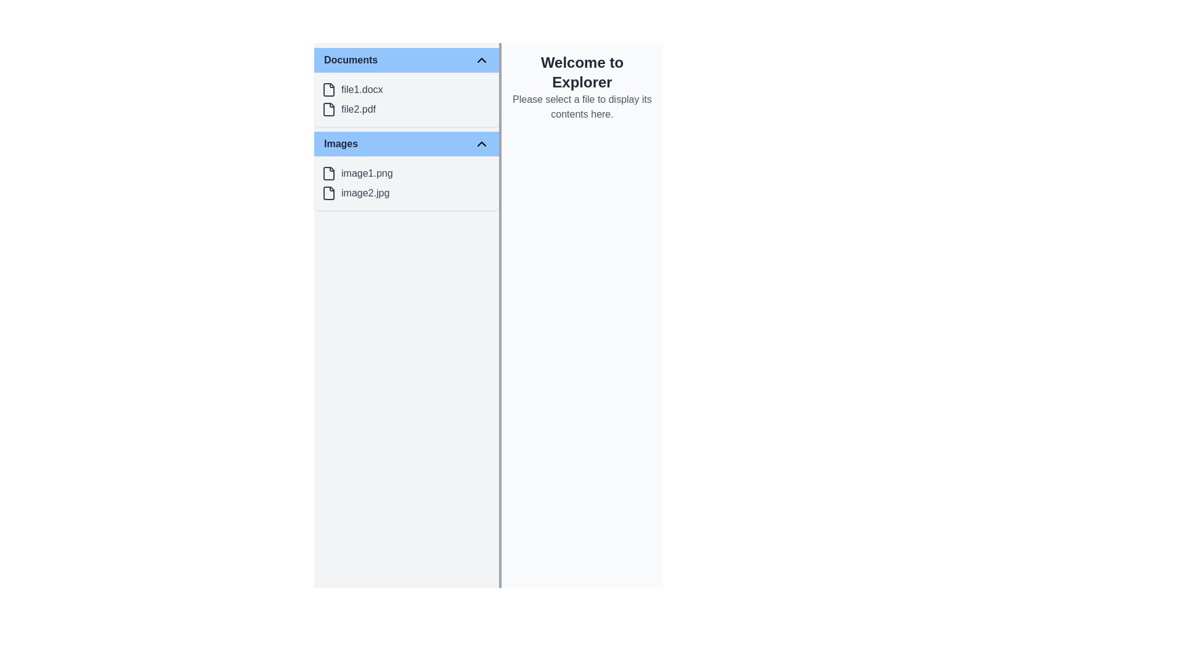  I want to click on the List item representing 'image1.png' in the 'Images' section, so click(407, 173).